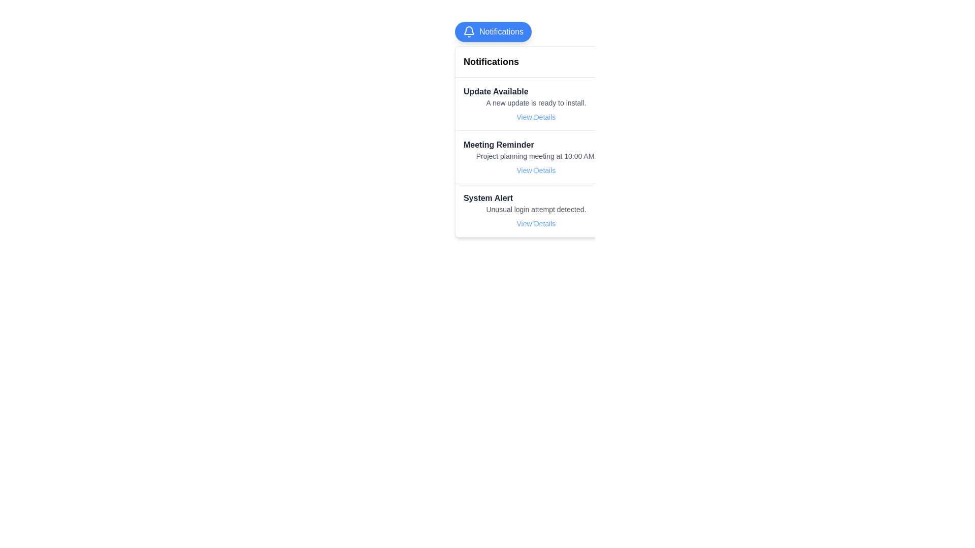 Image resolution: width=975 pixels, height=548 pixels. What do you see at coordinates (536, 103) in the screenshot?
I see `text line displaying the message 'A new update is ready to install.' which is located below the title 'Update Available' and above 'View Details'` at bounding box center [536, 103].